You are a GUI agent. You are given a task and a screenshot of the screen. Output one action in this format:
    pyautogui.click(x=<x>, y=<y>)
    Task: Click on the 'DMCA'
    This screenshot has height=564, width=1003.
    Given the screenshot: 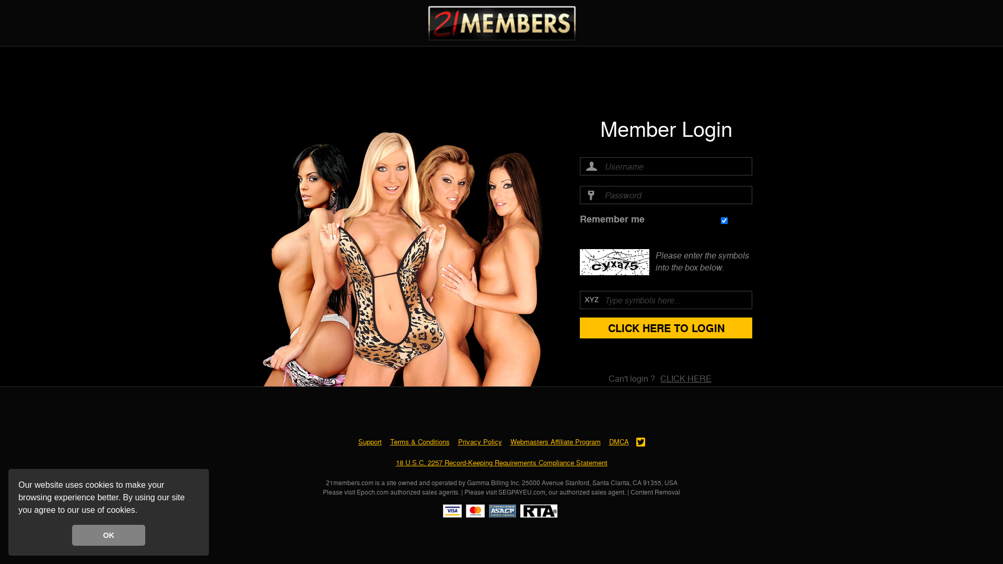 What is the action you would take?
    pyautogui.click(x=609, y=441)
    